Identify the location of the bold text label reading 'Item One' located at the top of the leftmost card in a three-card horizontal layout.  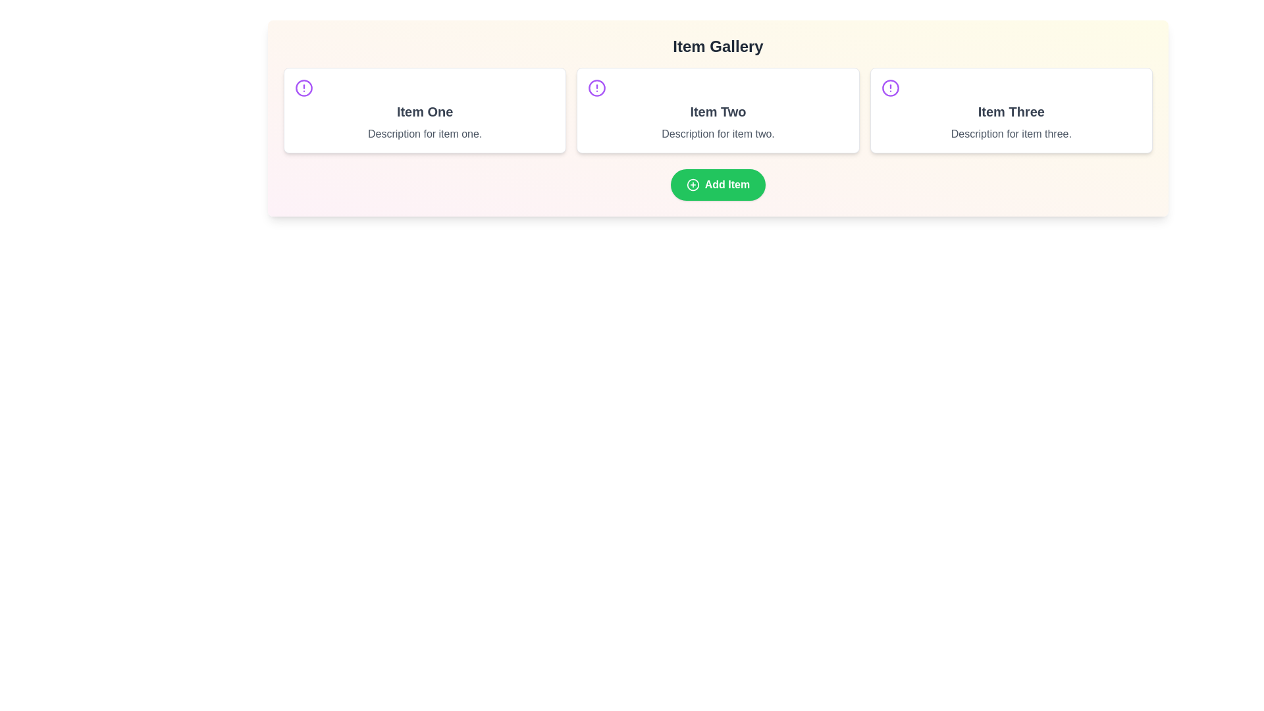
(425, 111).